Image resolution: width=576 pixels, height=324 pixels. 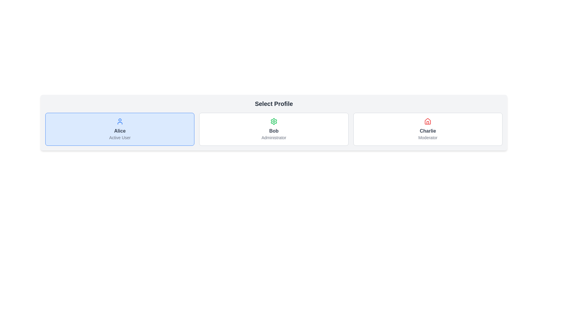 What do you see at coordinates (427, 138) in the screenshot?
I see `the Text label indicating the role of 'Moderator' for the 'Charlie' profile, located at the bottom of the profile card in the rightmost column` at bounding box center [427, 138].